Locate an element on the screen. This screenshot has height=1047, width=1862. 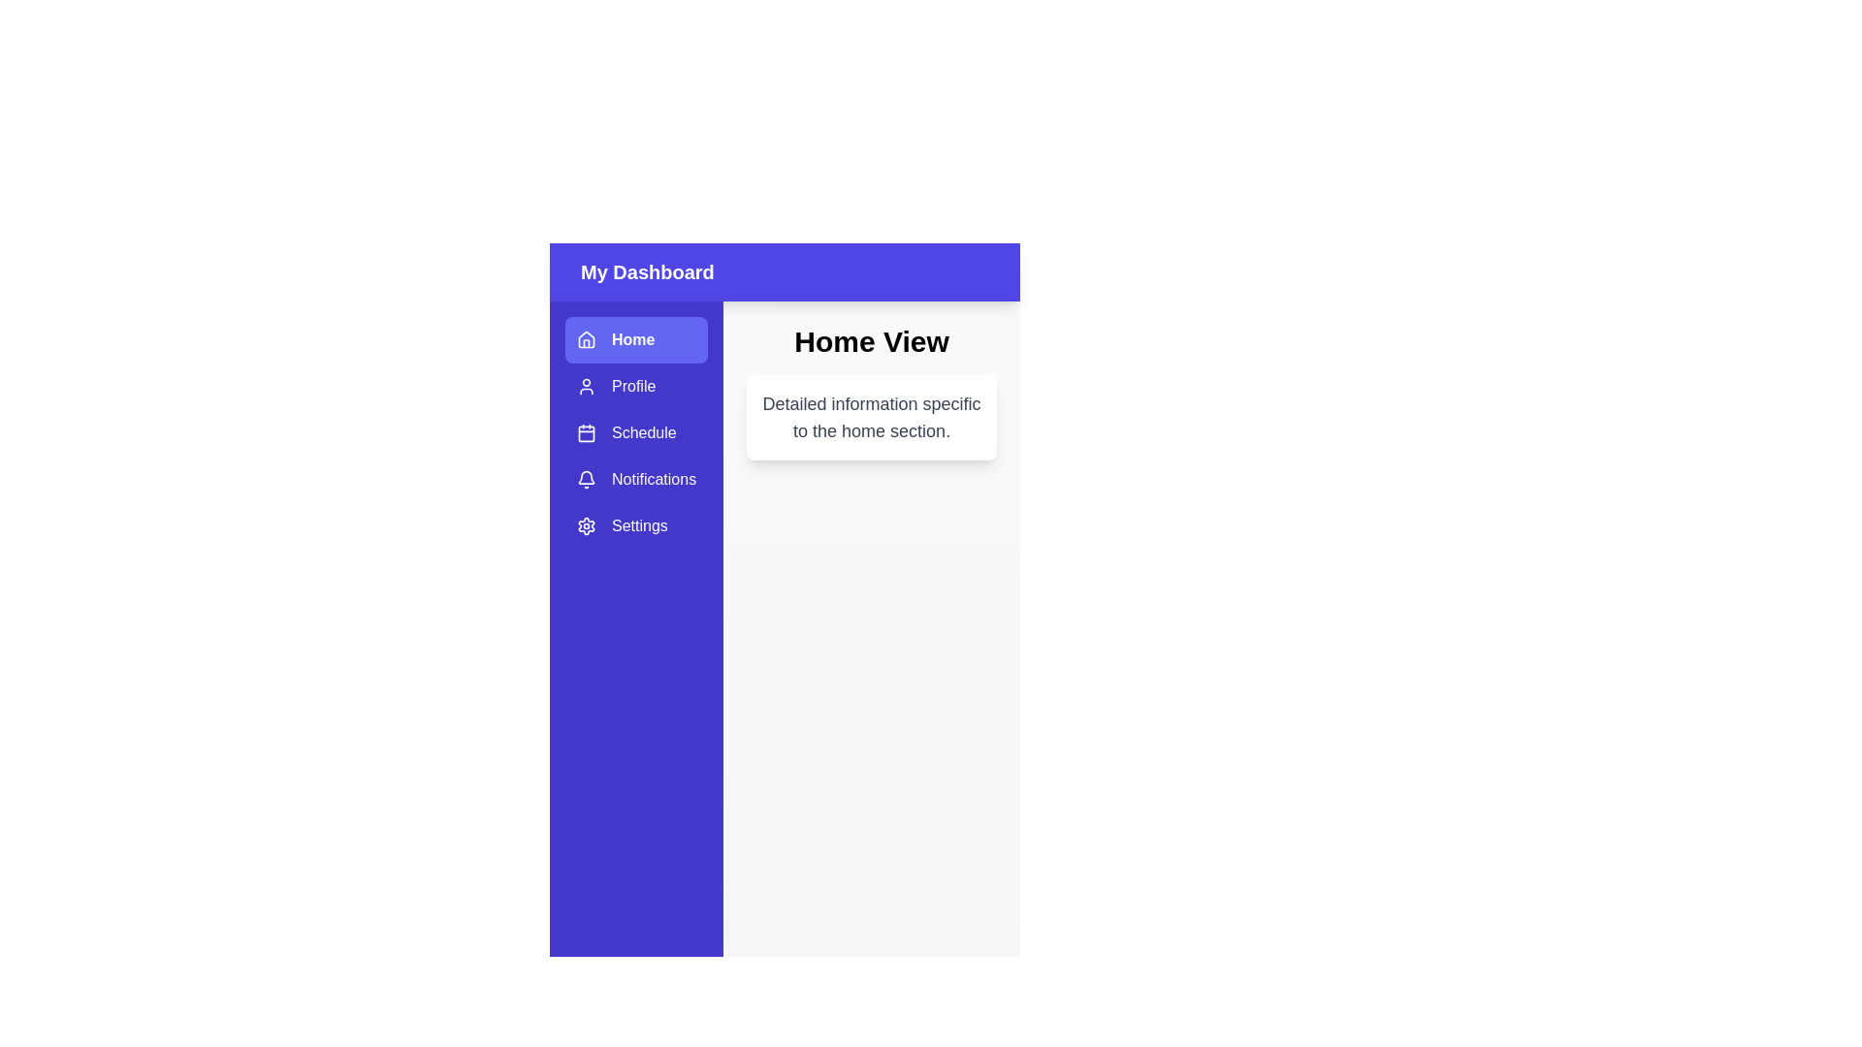
the sidebar item labeled Settings to reveal its tooltip or highlight is located at coordinates (636, 526).